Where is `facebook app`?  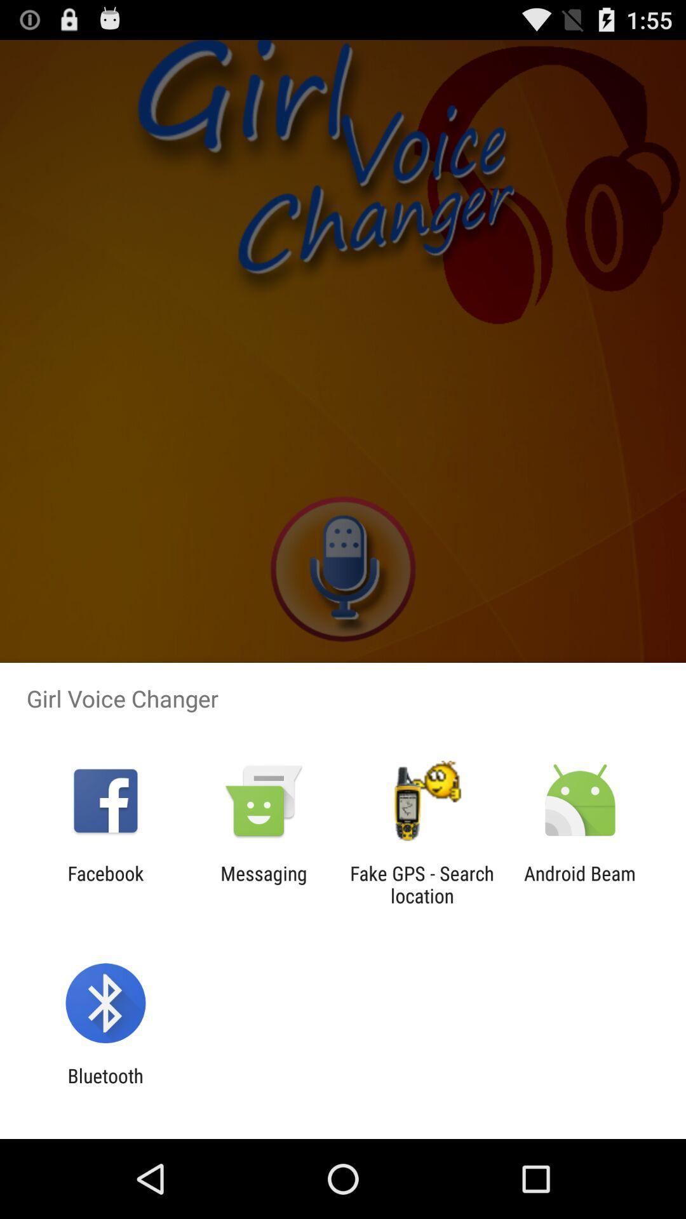 facebook app is located at coordinates (105, 884).